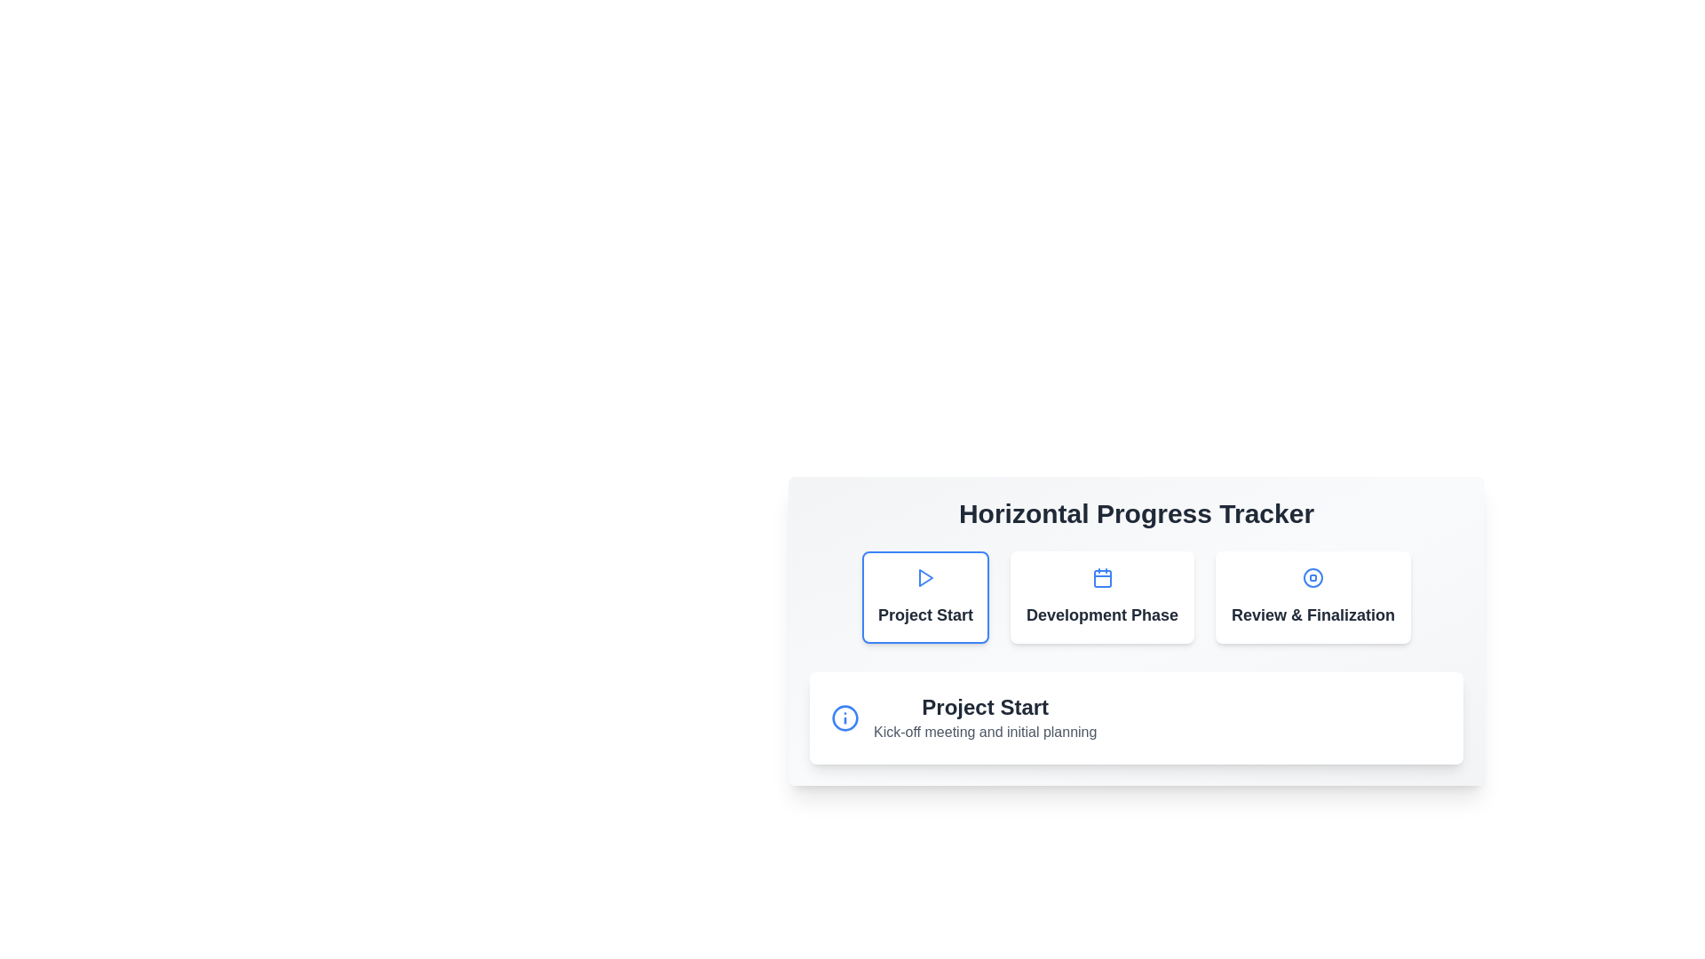  I want to click on the text label that reads 'Development Phase,' which is styled with a larger bold font and dark color against a white background, centrally aligned within the second card from the left, so click(1101, 614).